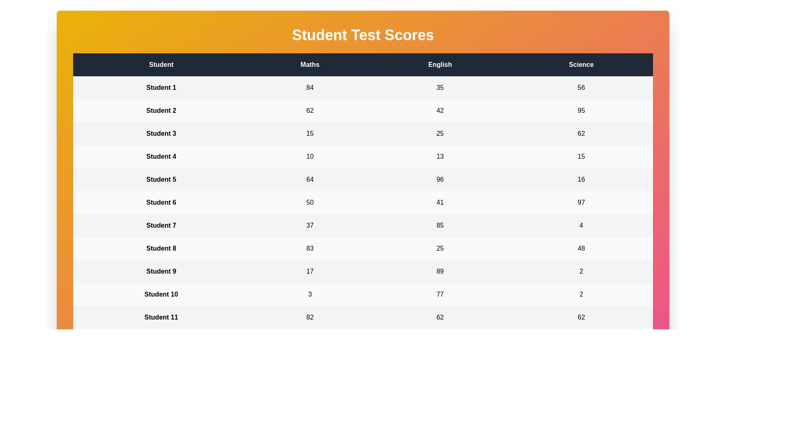 This screenshot has height=443, width=789. What do you see at coordinates (440, 64) in the screenshot?
I see `the English header to sort the column` at bounding box center [440, 64].